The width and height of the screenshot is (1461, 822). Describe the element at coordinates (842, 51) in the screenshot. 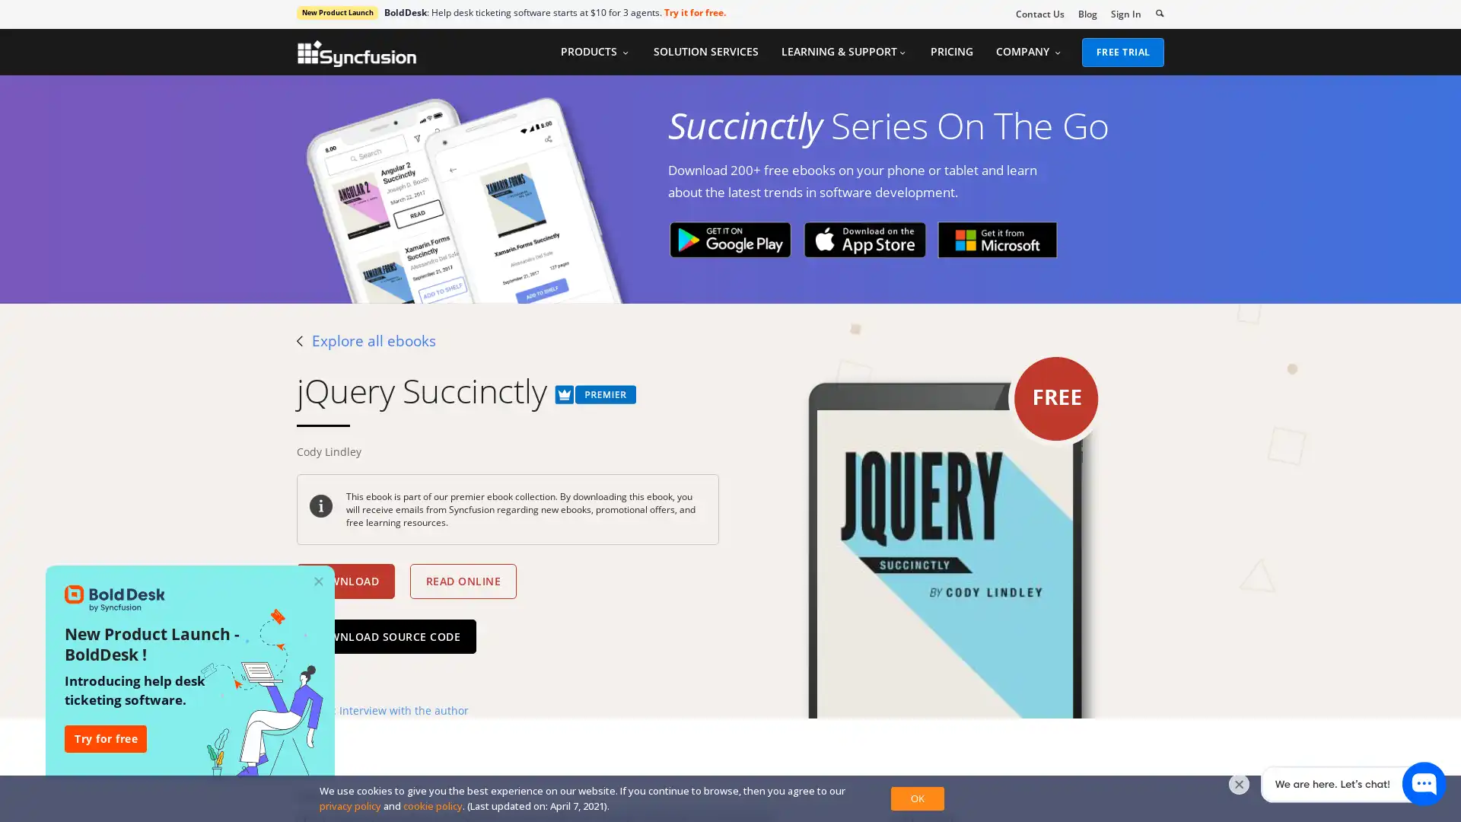

I see `LEARNING & SUPPORT` at that location.